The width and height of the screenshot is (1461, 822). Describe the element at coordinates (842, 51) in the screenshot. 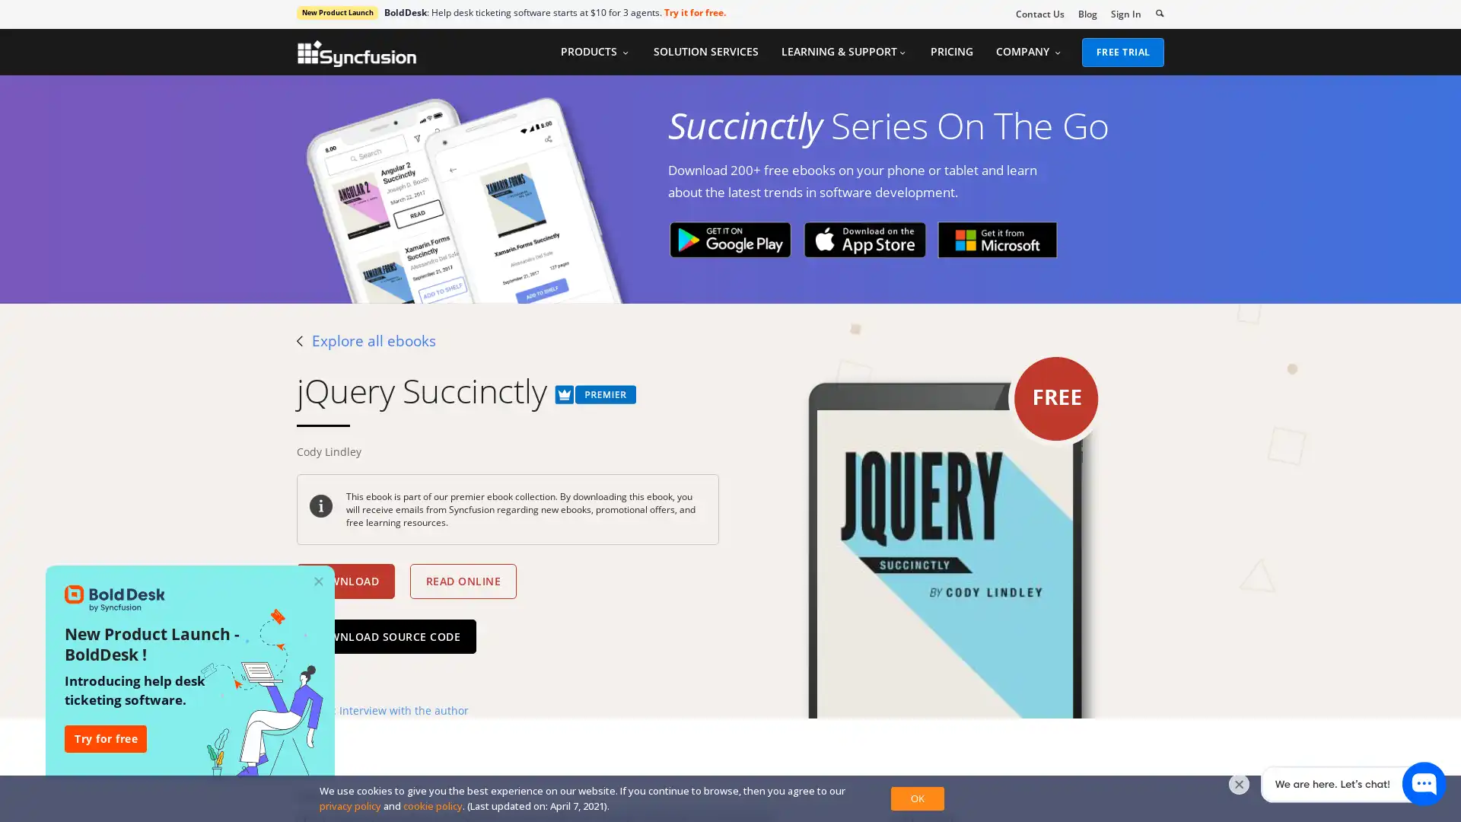

I see `LEARNING & SUPPORT` at that location.